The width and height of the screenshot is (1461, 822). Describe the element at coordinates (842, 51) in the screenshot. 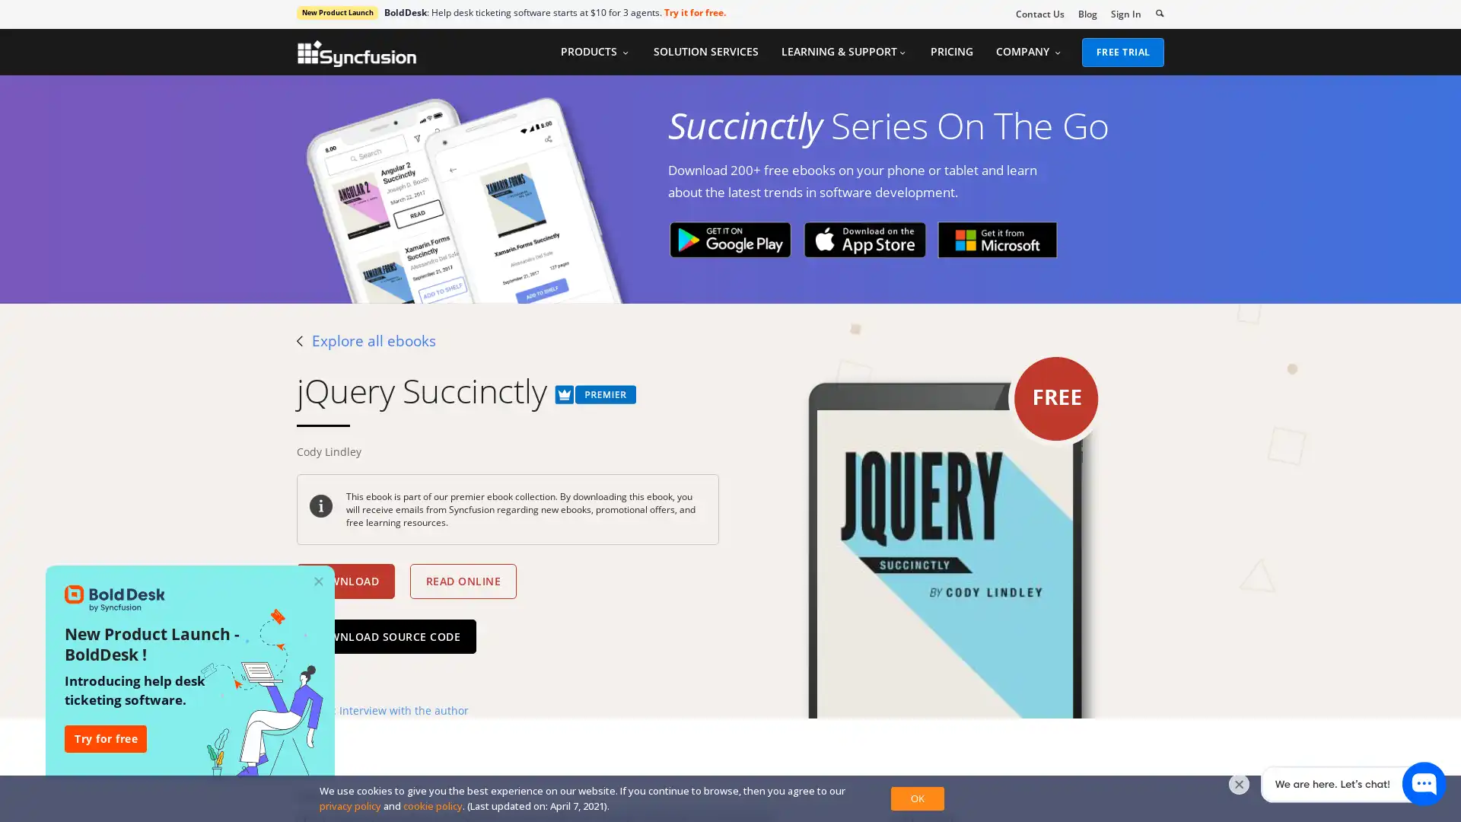

I see `LEARNING & SUPPORT` at that location.